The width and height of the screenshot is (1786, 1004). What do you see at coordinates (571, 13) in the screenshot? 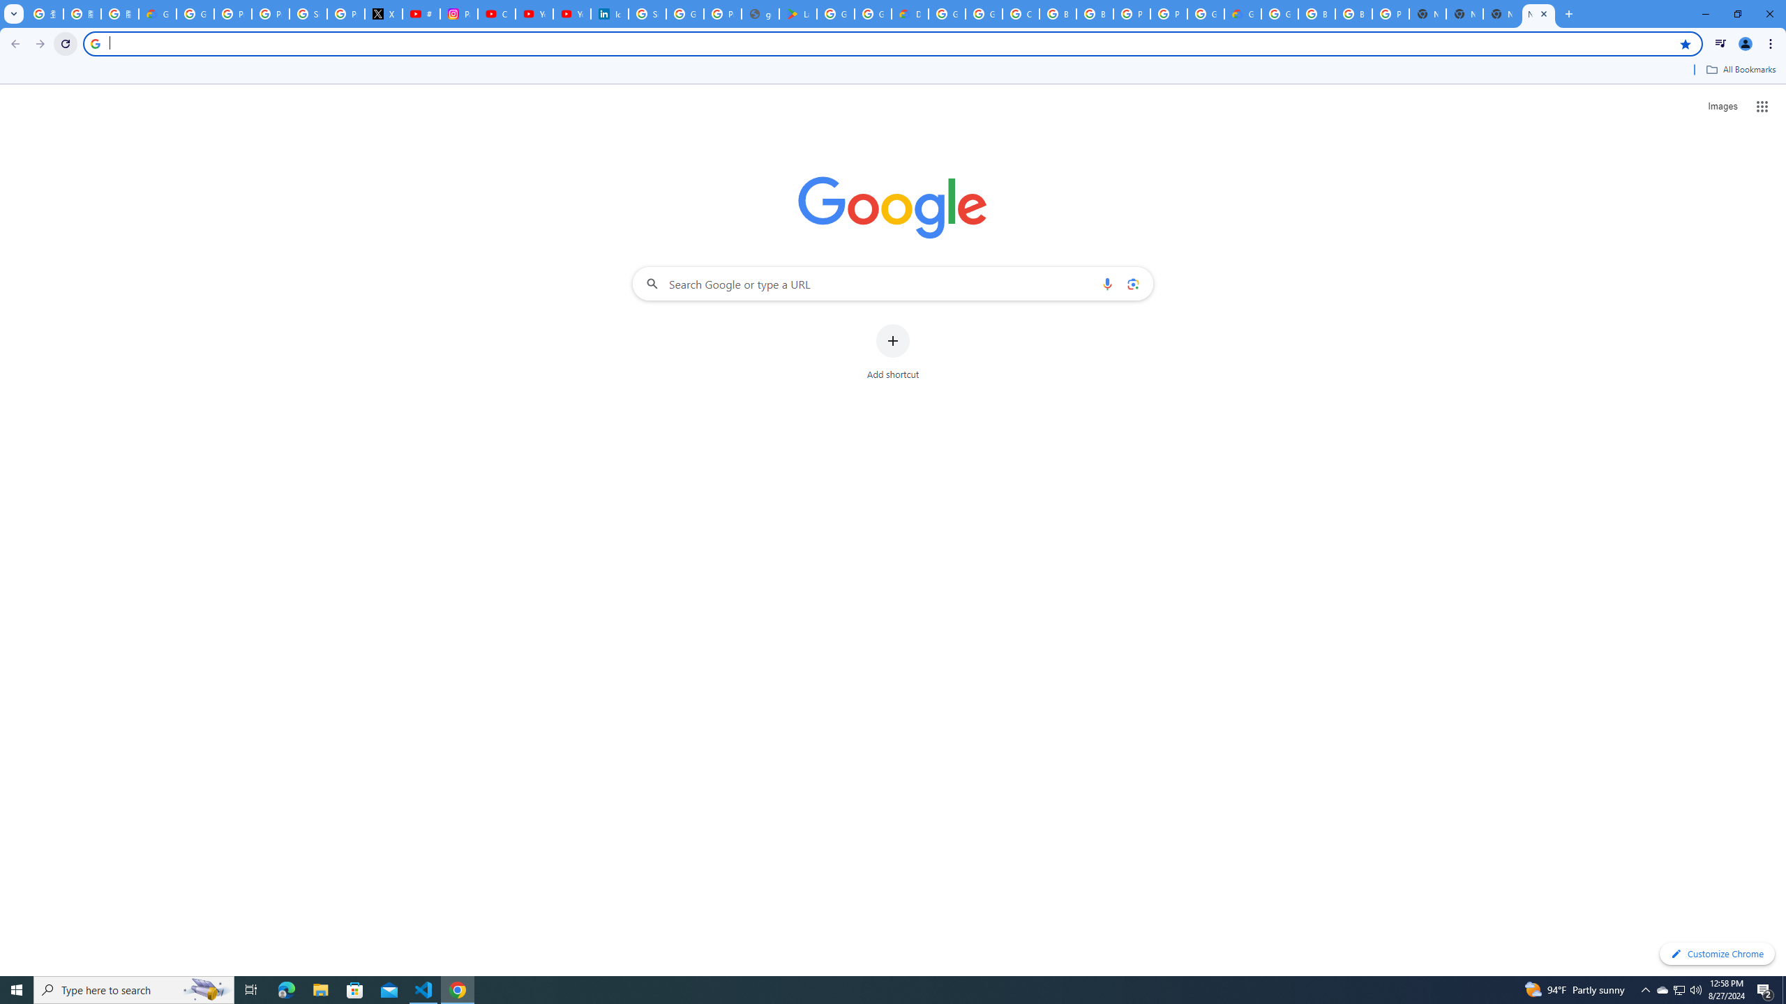
I see `'YouTube Culture & Trends - YouTube Top 10, 2021'` at bounding box center [571, 13].